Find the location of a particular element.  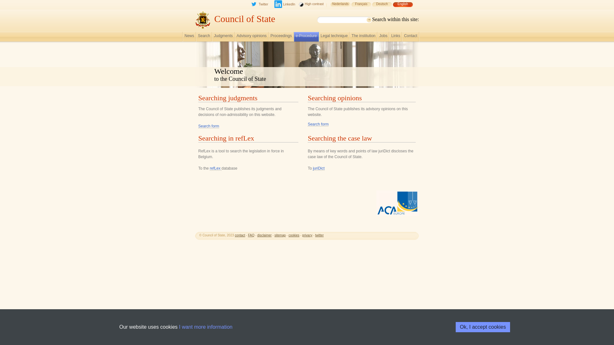

'Proceedings' is located at coordinates (281, 37).